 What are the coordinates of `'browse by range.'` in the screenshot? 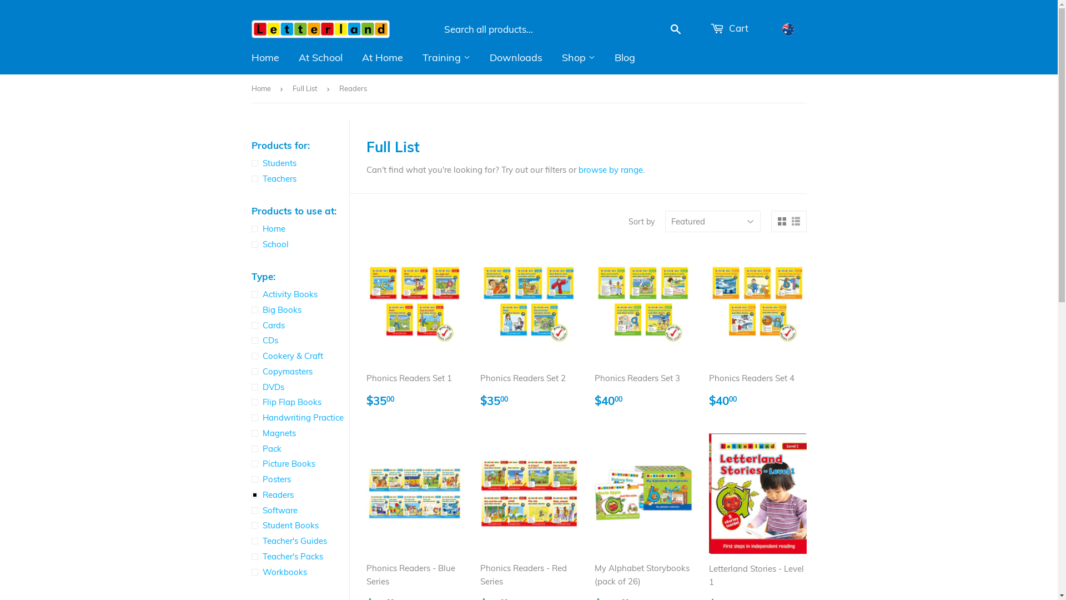 It's located at (611, 169).